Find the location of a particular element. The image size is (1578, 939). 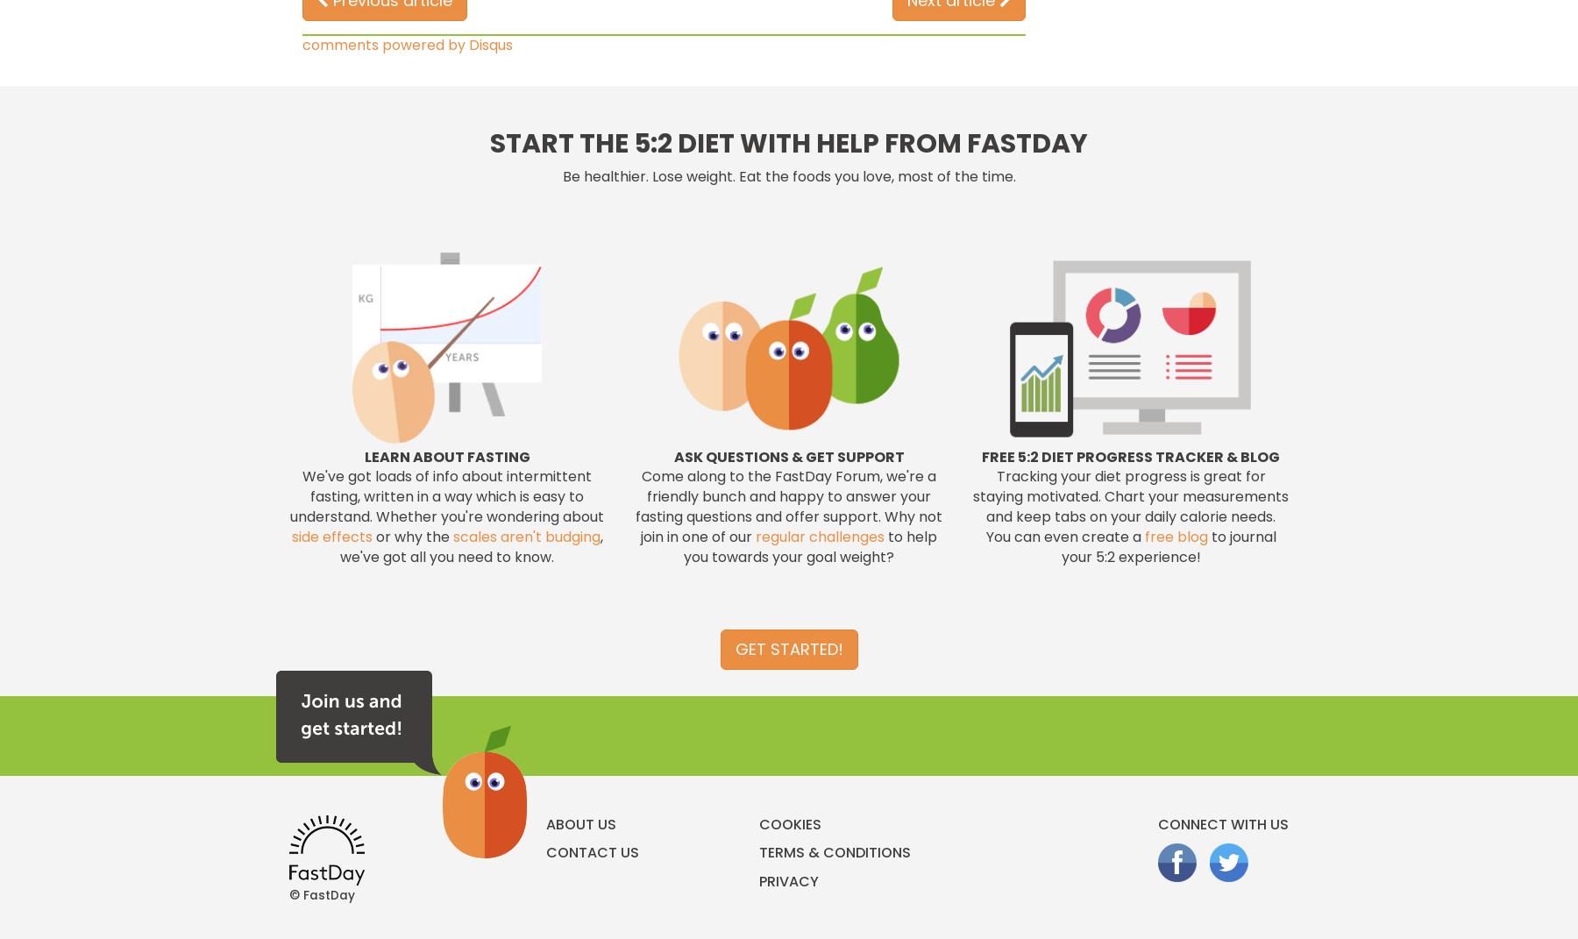

', we've got all you need to know.' is located at coordinates (470, 545).